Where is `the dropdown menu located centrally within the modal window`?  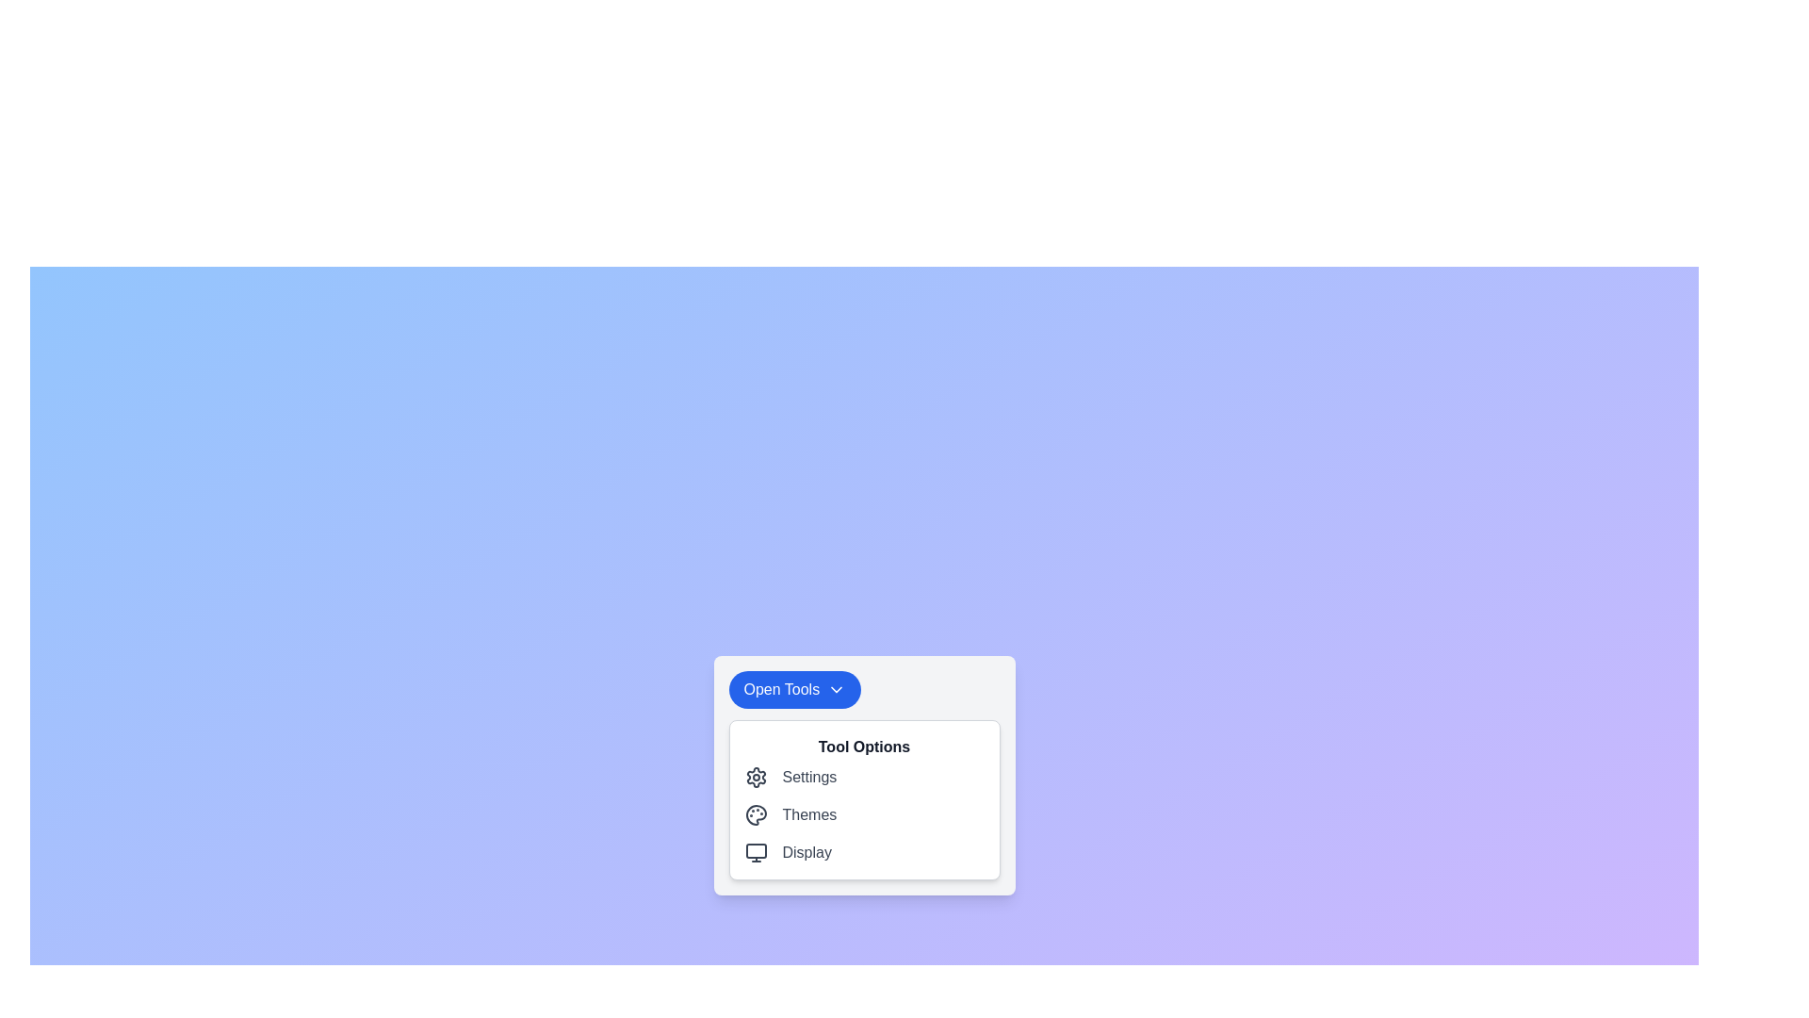
the dropdown menu located centrally within the modal window is located at coordinates (863, 775).